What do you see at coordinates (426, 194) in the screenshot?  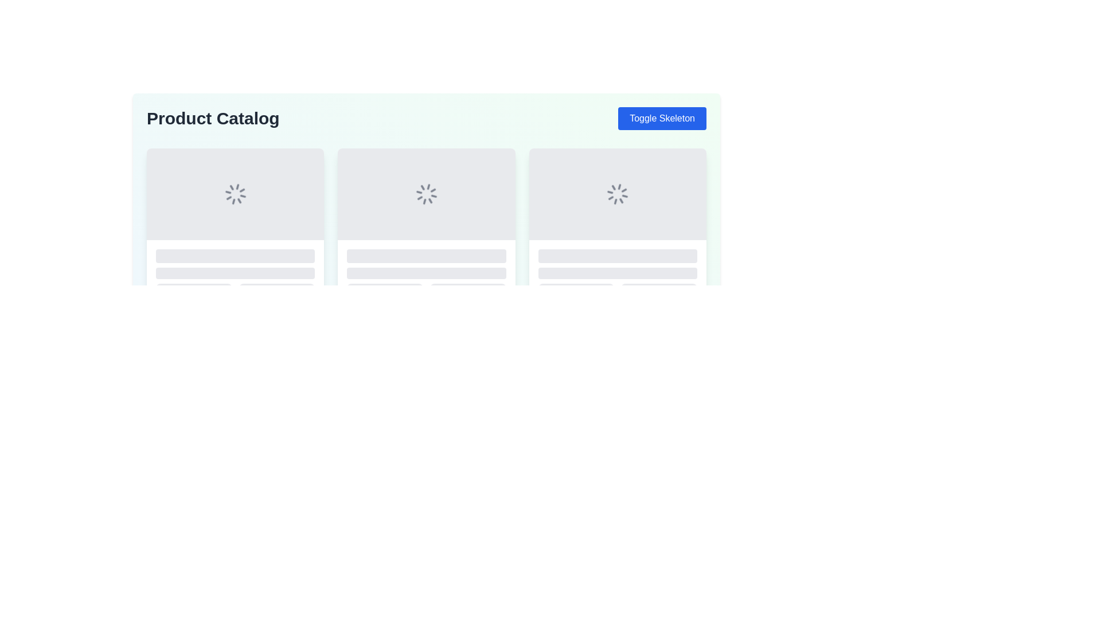 I see `the spinner loading indicator in the center of the middle card` at bounding box center [426, 194].